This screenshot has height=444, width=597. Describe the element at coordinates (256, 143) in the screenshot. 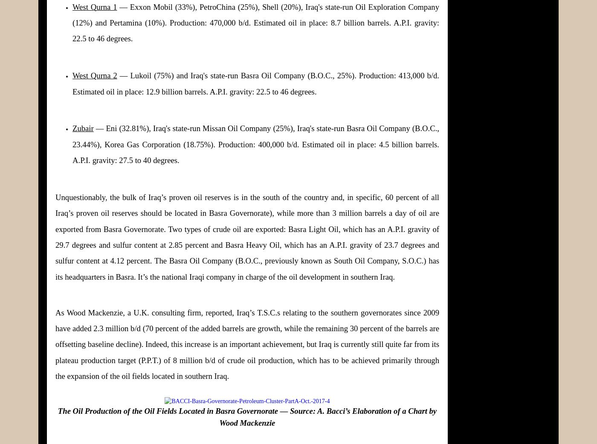

I see `'— Eni (32.81%), Iraq's state-run
Missan Oil Company (25%), Iraq's state-run Basra Oil Company (B.O.C., 23.44%),
Korea Gas Corporation (18.75%). Production: 400,000 b/d. Estimated oil in
place: 4.5 billion barrels. A.P.I. gravity: 27.5 to 40 degrees.'` at that location.